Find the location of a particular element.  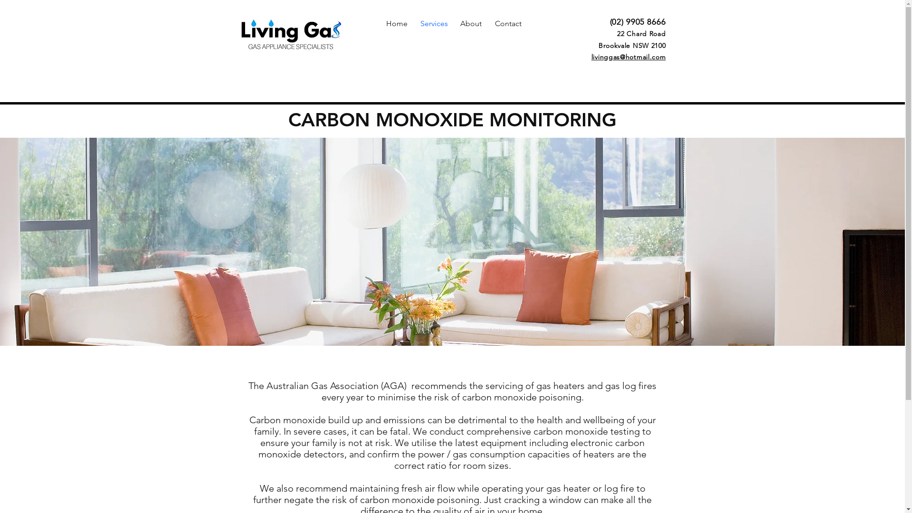

'livinggas@hotmail.com' is located at coordinates (628, 57).